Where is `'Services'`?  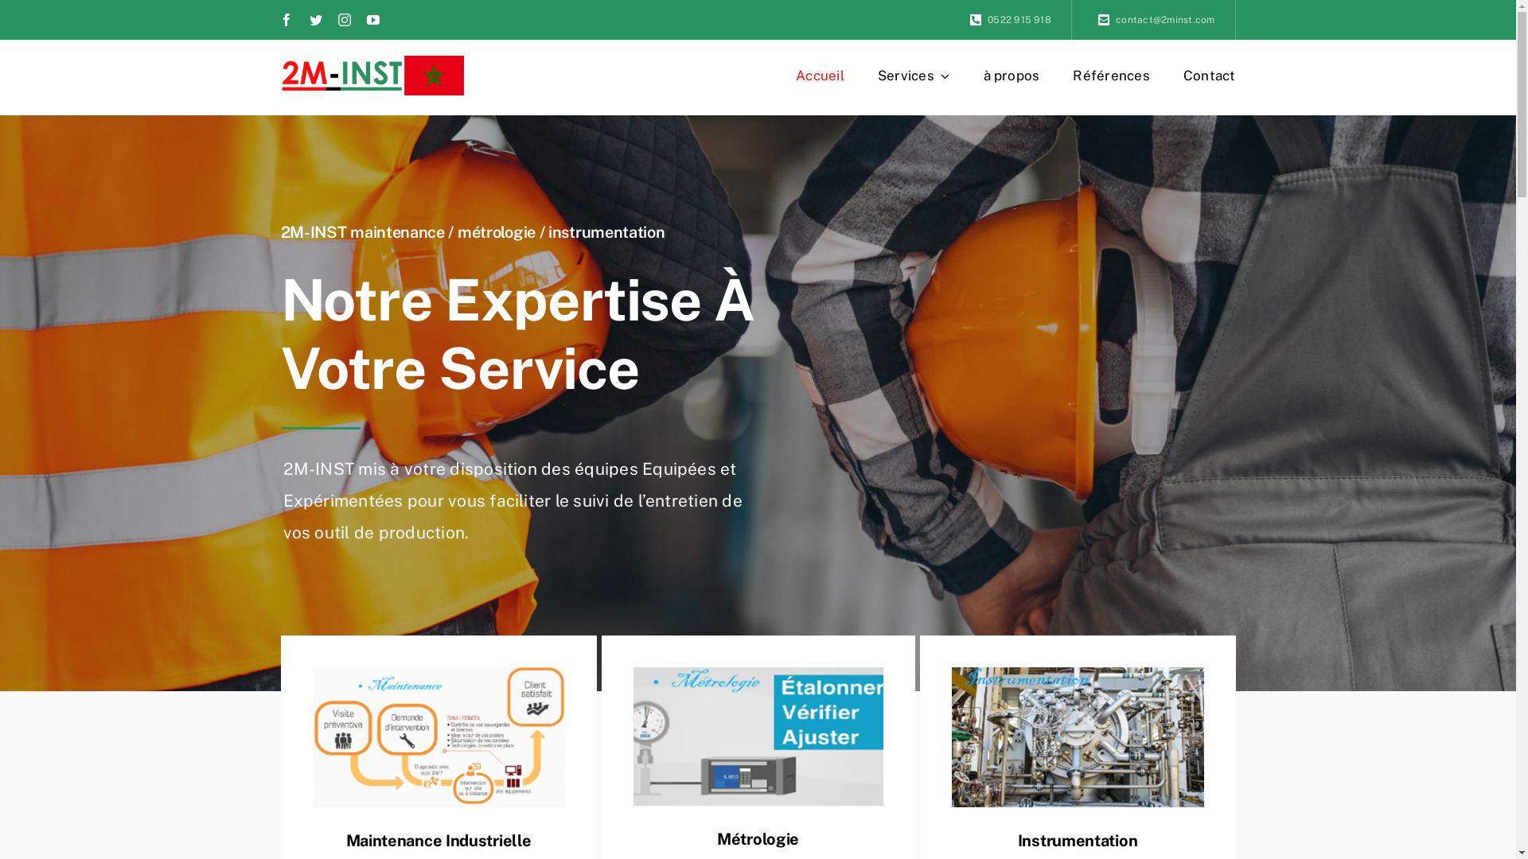
'Services' is located at coordinates (914, 76).